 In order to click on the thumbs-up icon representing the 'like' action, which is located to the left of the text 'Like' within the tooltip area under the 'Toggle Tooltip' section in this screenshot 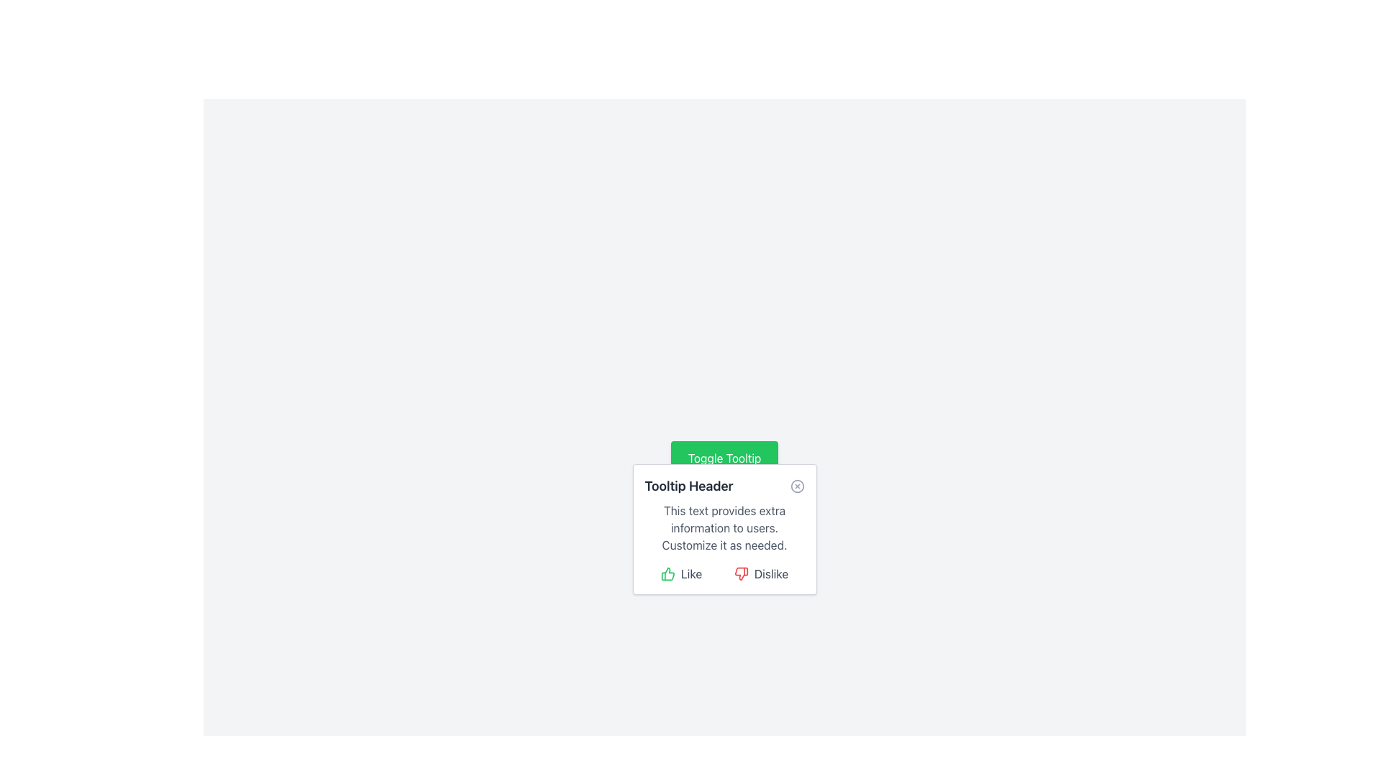, I will do `click(667, 573)`.